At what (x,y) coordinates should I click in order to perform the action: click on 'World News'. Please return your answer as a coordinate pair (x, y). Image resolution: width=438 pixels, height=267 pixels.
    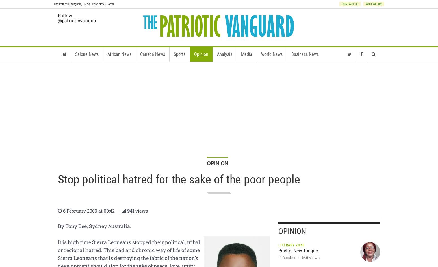
    Looking at the image, I should click on (271, 54).